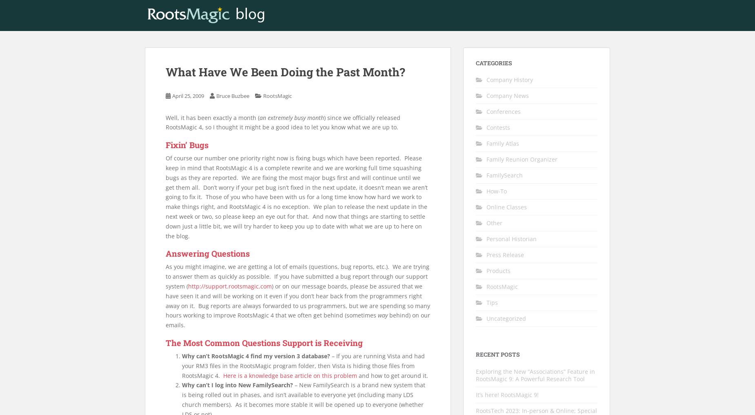 The height and width of the screenshot is (415, 755). Describe the element at coordinates (165, 122) in the screenshot. I see `') since we officially released RootsMagic 4, so I thought it might be a good idea to let you know what we are up to.'` at that location.